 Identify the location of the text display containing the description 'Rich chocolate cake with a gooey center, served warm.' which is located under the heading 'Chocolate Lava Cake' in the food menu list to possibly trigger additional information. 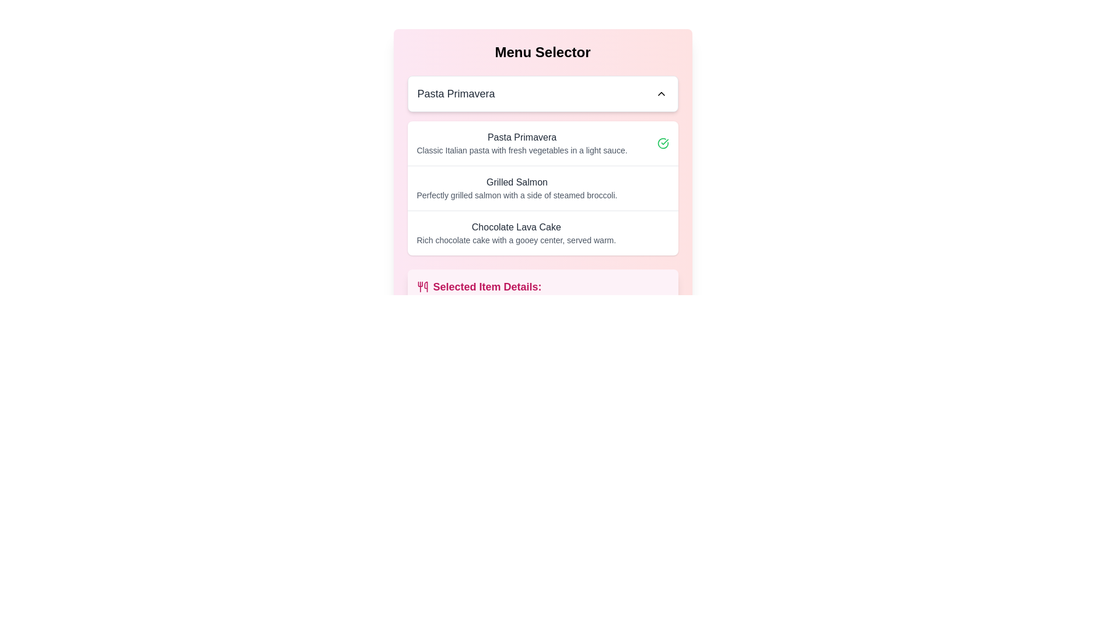
(516, 240).